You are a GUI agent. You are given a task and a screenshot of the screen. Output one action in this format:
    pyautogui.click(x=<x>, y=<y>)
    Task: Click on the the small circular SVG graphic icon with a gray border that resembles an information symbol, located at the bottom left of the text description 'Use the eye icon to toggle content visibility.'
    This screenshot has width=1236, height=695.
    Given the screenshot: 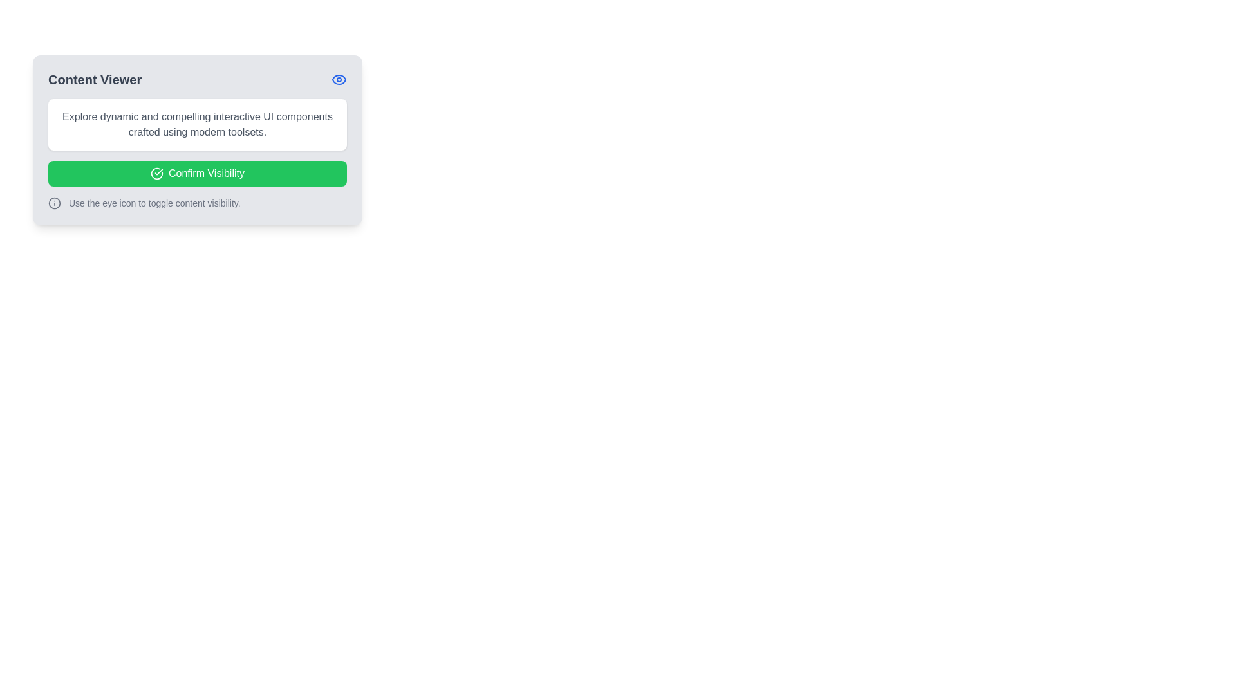 What is the action you would take?
    pyautogui.click(x=54, y=203)
    